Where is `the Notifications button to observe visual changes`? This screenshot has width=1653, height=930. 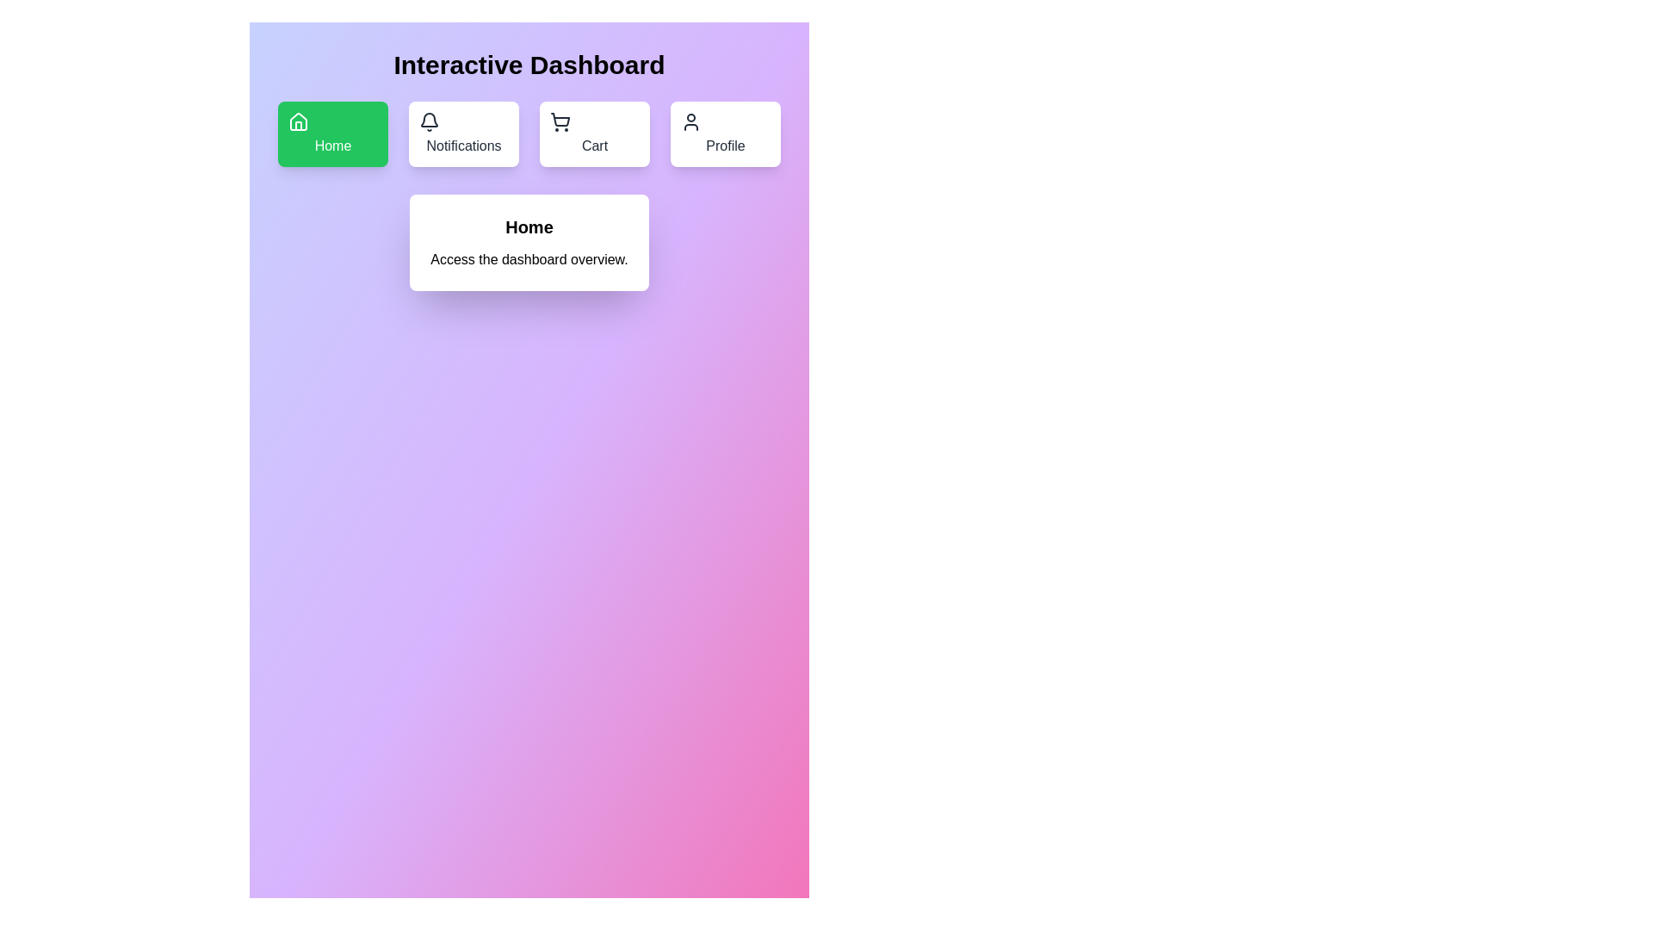 the Notifications button to observe visual changes is located at coordinates (463, 133).